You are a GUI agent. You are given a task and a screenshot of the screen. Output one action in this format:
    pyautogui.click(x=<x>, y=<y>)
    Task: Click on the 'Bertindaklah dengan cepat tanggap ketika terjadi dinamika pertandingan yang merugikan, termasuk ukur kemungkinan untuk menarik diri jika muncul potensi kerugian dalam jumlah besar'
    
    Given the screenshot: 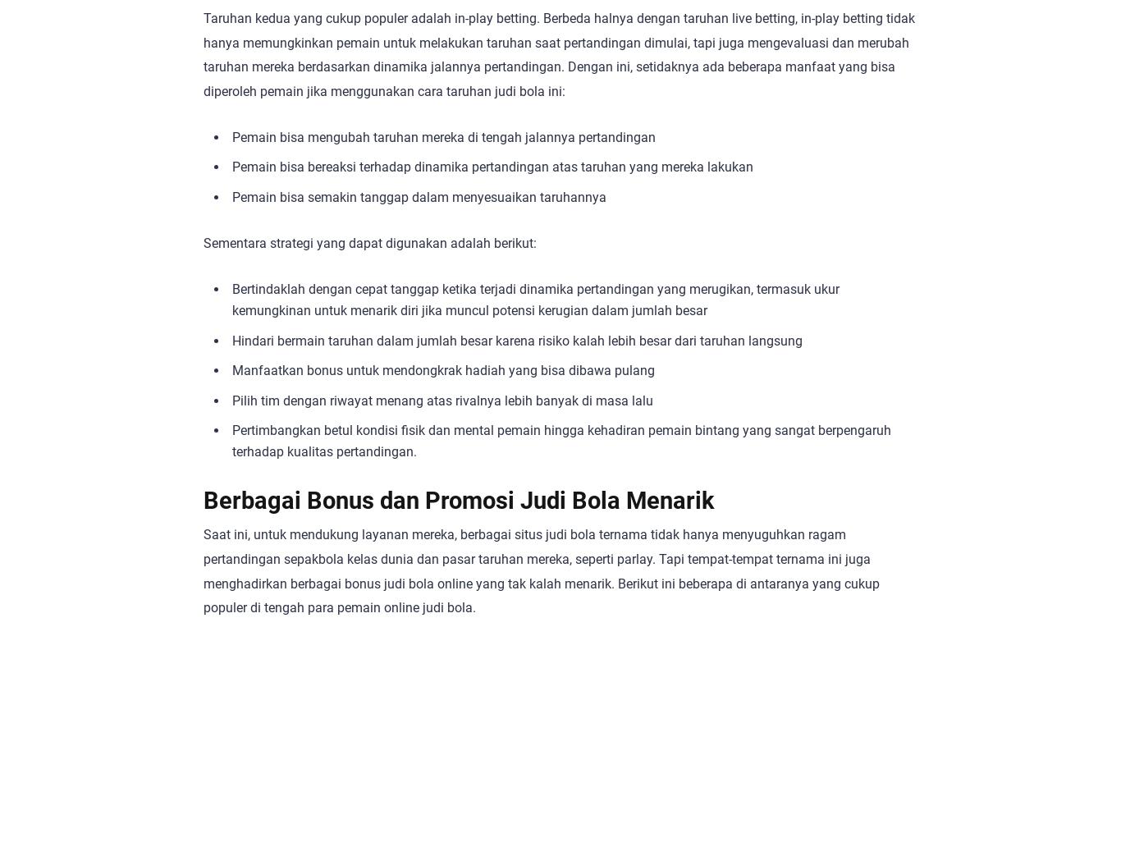 What is the action you would take?
    pyautogui.click(x=534, y=299)
    